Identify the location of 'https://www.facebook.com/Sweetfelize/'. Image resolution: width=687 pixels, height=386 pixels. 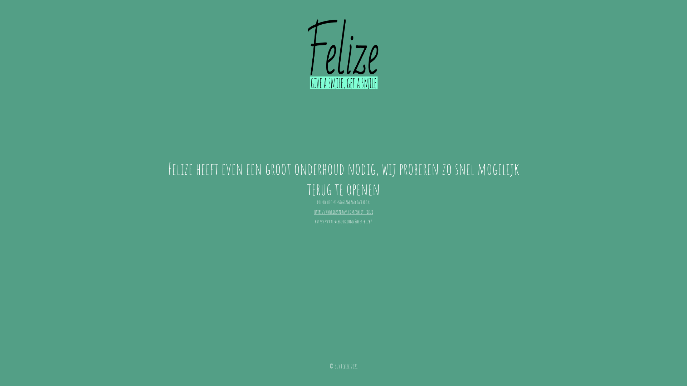
(343, 221).